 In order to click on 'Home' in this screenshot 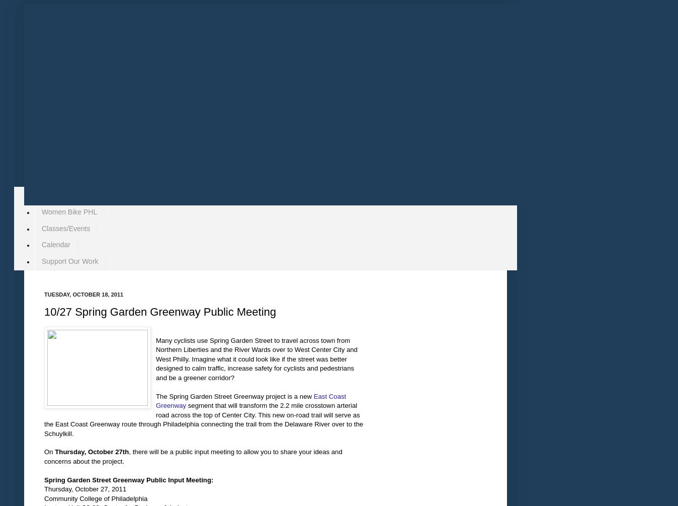, I will do `click(50, 195)`.